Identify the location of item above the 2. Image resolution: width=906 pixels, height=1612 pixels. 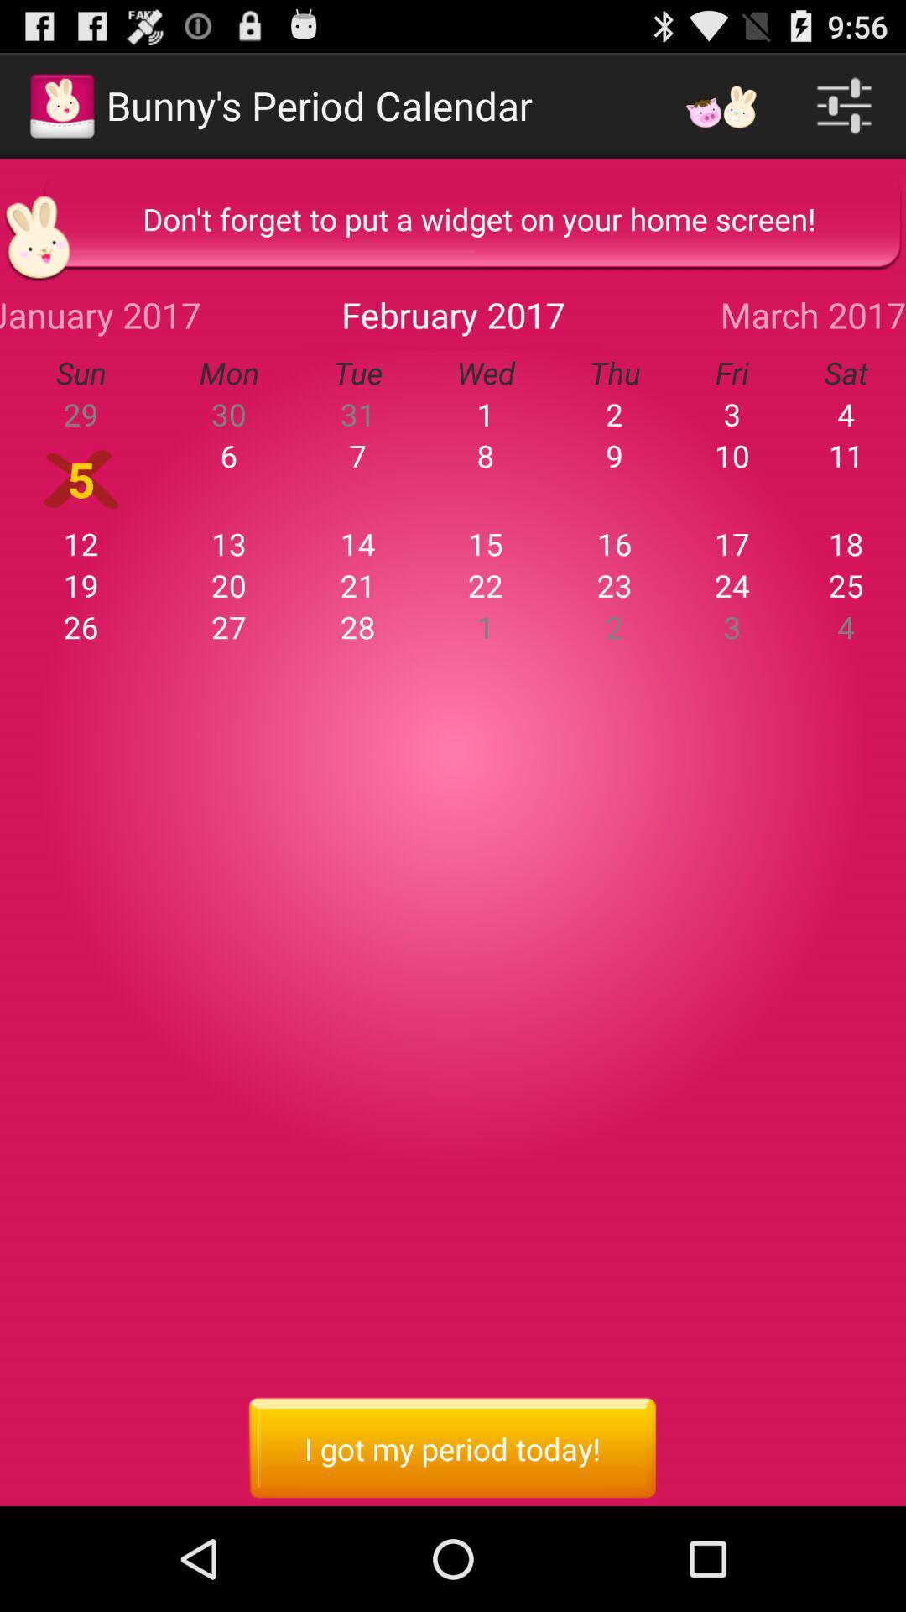
(731, 585).